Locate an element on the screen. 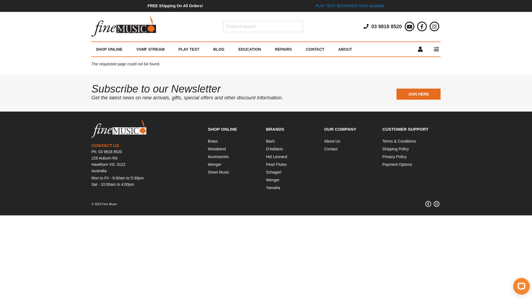 The image size is (532, 299). 'VSMF STREAM' is located at coordinates (150, 49).